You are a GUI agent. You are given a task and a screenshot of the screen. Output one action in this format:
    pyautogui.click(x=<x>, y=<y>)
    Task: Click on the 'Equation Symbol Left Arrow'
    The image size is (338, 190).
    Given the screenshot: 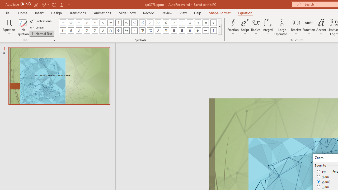 What is the action you would take?
    pyautogui.click(x=205, y=30)
    